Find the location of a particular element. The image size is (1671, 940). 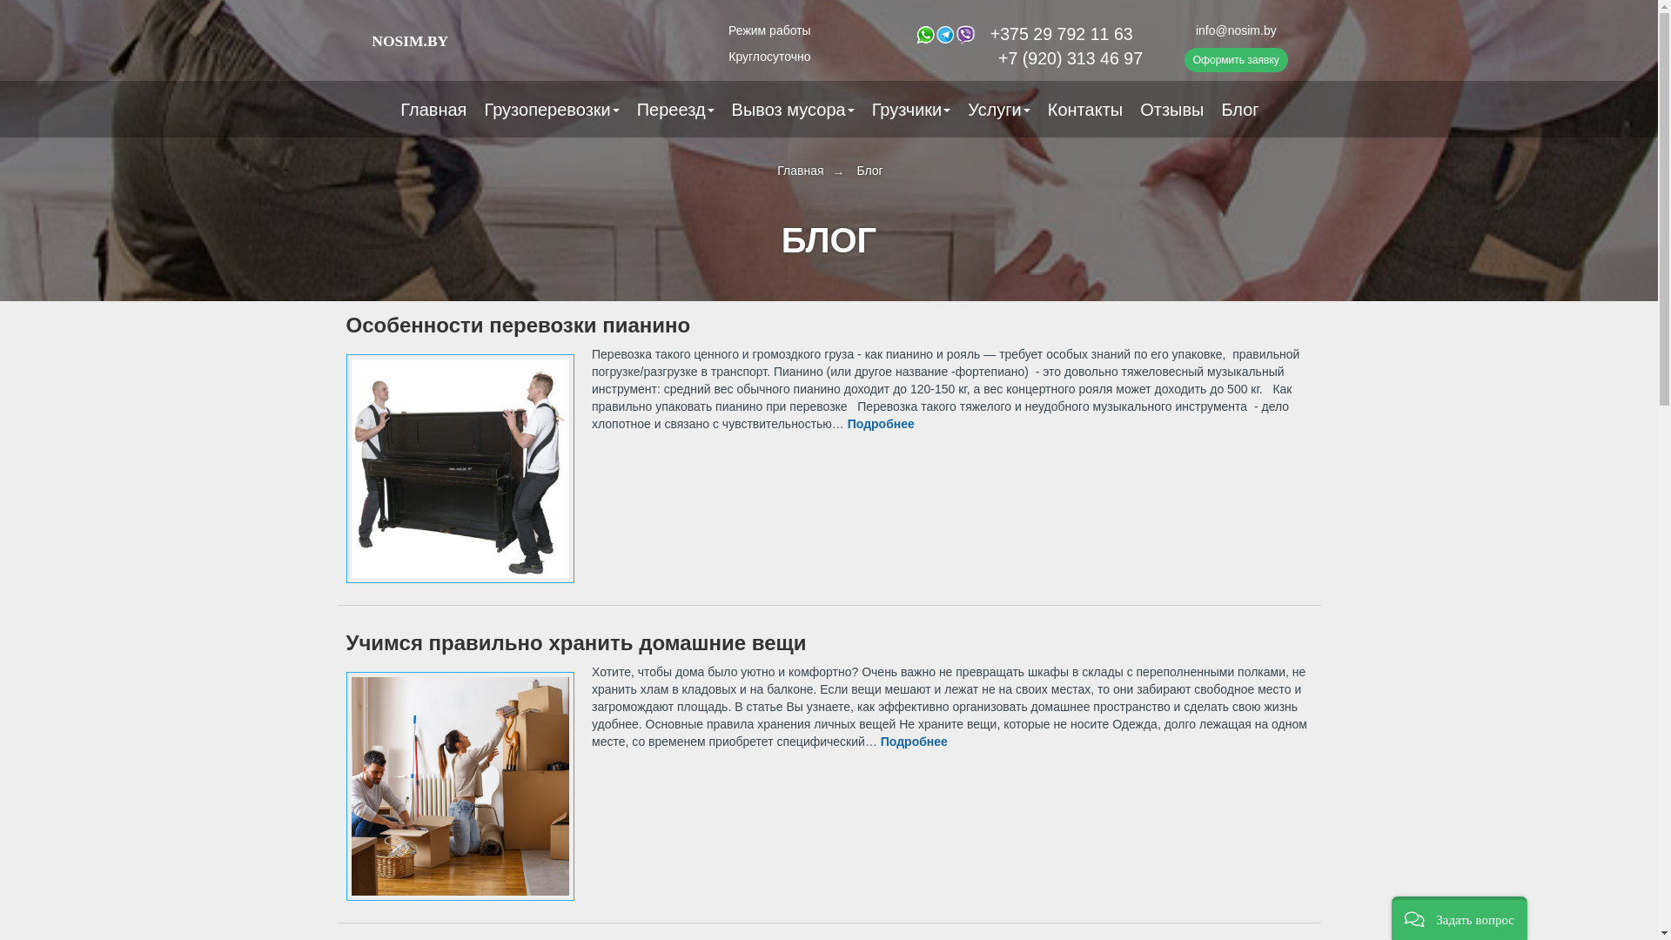

'+375 29 792 11 63' is located at coordinates (1060, 33).